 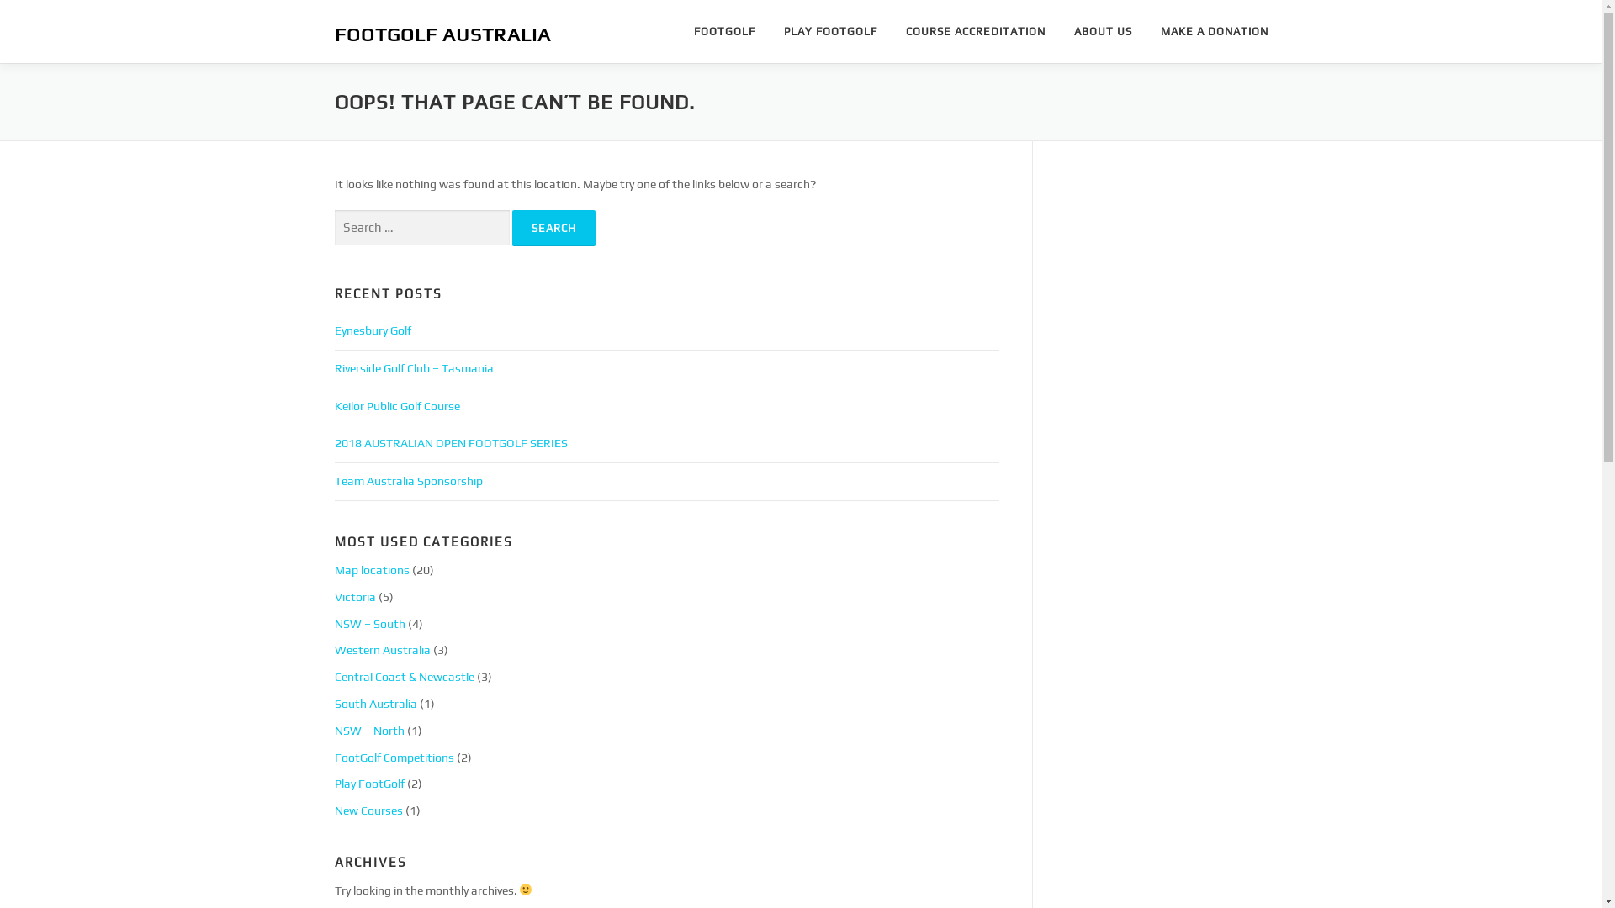 I want to click on 'ABOUT US', so click(x=1103, y=31).